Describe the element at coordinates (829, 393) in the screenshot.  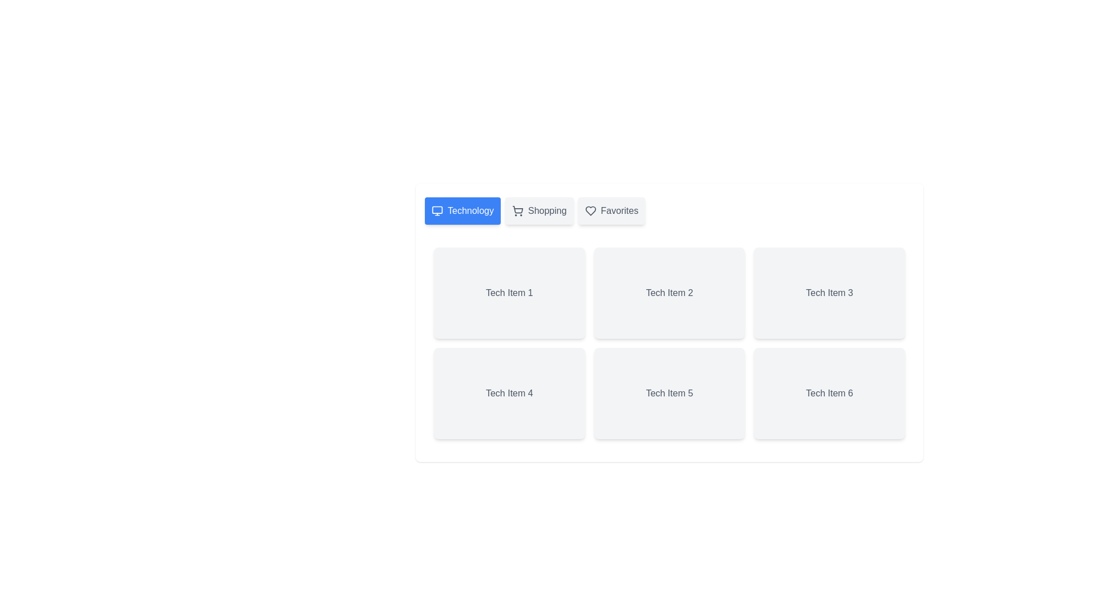
I see `the item labeled Tech Item 6 within the active tab` at that location.